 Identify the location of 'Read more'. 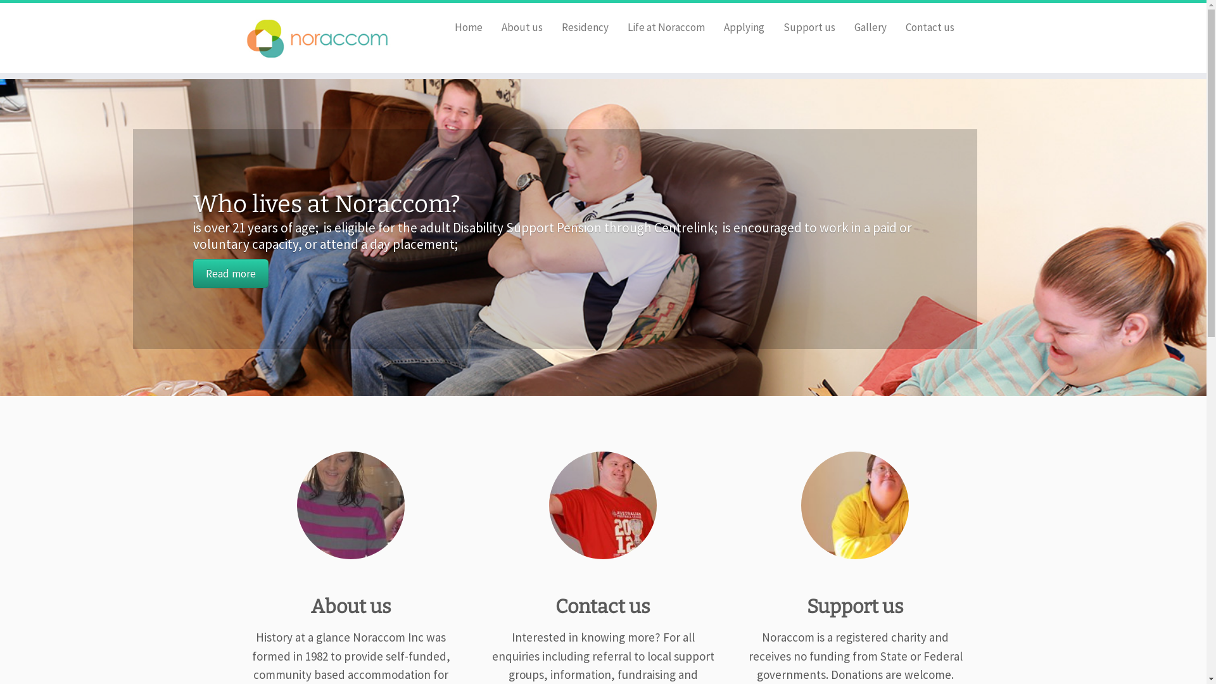
(231, 273).